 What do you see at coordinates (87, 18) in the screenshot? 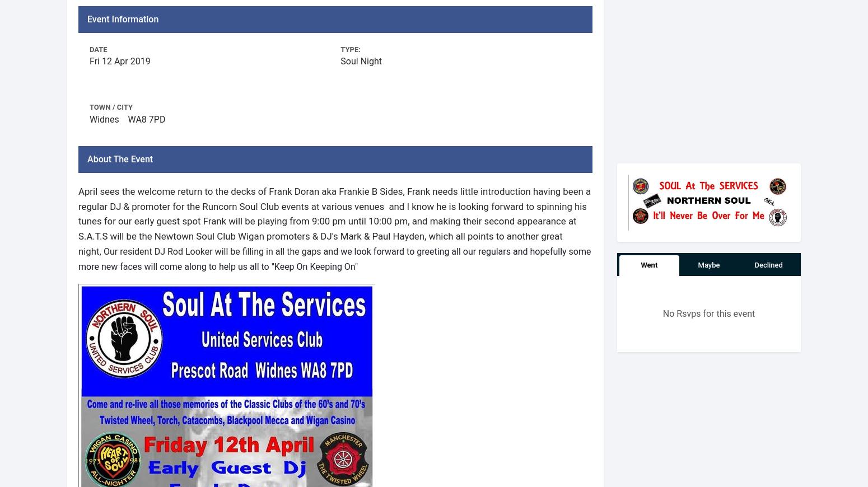
I see `'Event Information'` at bounding box center [87, 18].